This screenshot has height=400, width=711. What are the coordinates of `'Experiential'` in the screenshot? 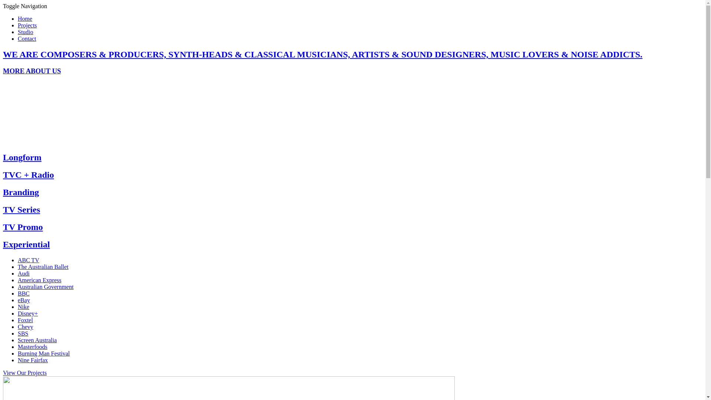 It's located at (26, 244).